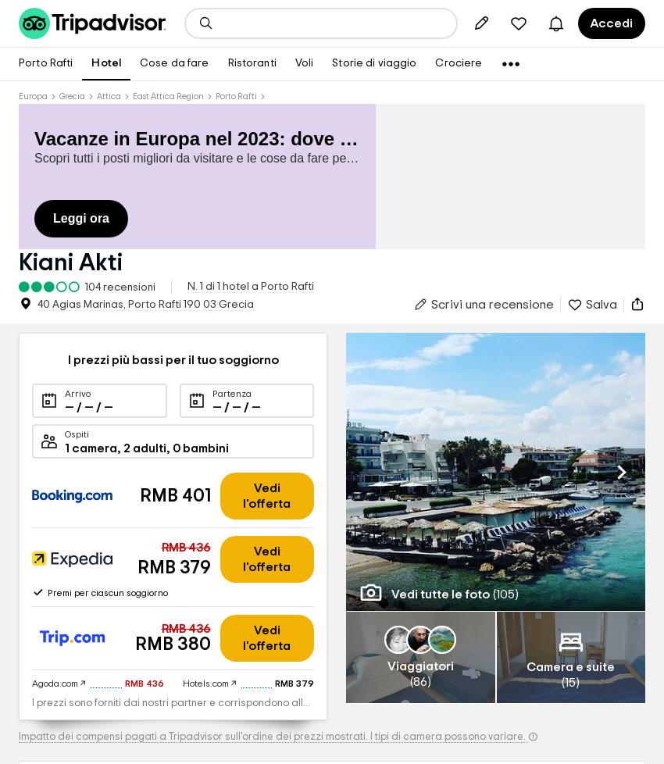 The width and height of the screenshot is (664, 764). What do you see at coordinates (172, 644) in the screenshot?
I see `'RMB 380'` at bounding box center [172, 644].